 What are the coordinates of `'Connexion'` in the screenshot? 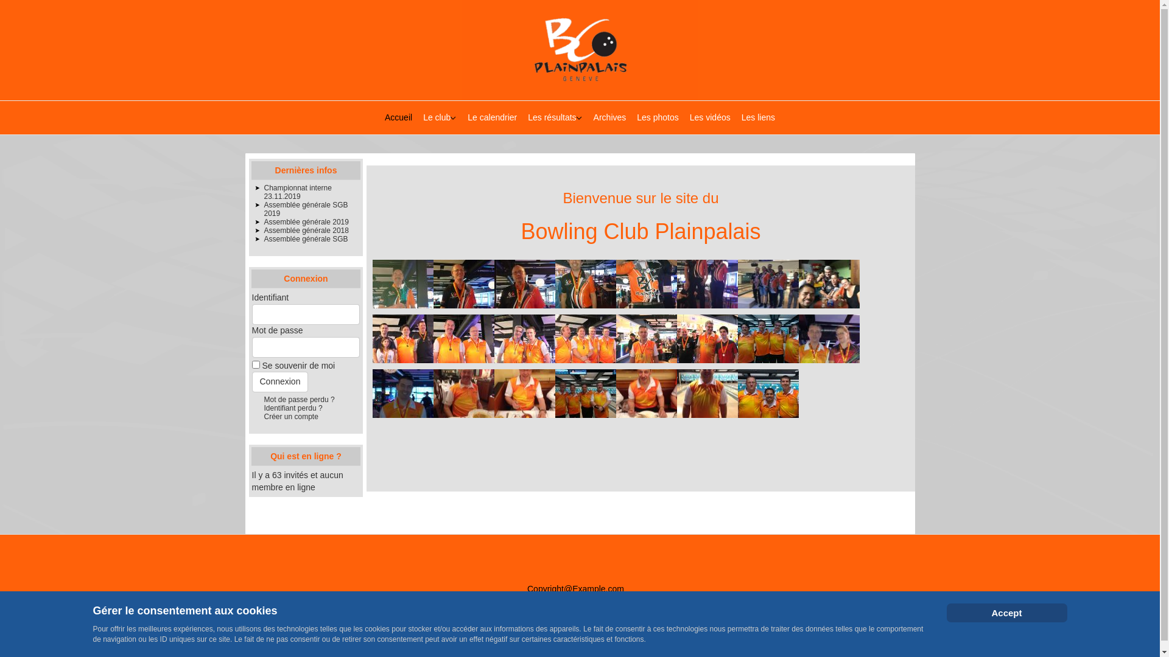 It's located at (279, 381).